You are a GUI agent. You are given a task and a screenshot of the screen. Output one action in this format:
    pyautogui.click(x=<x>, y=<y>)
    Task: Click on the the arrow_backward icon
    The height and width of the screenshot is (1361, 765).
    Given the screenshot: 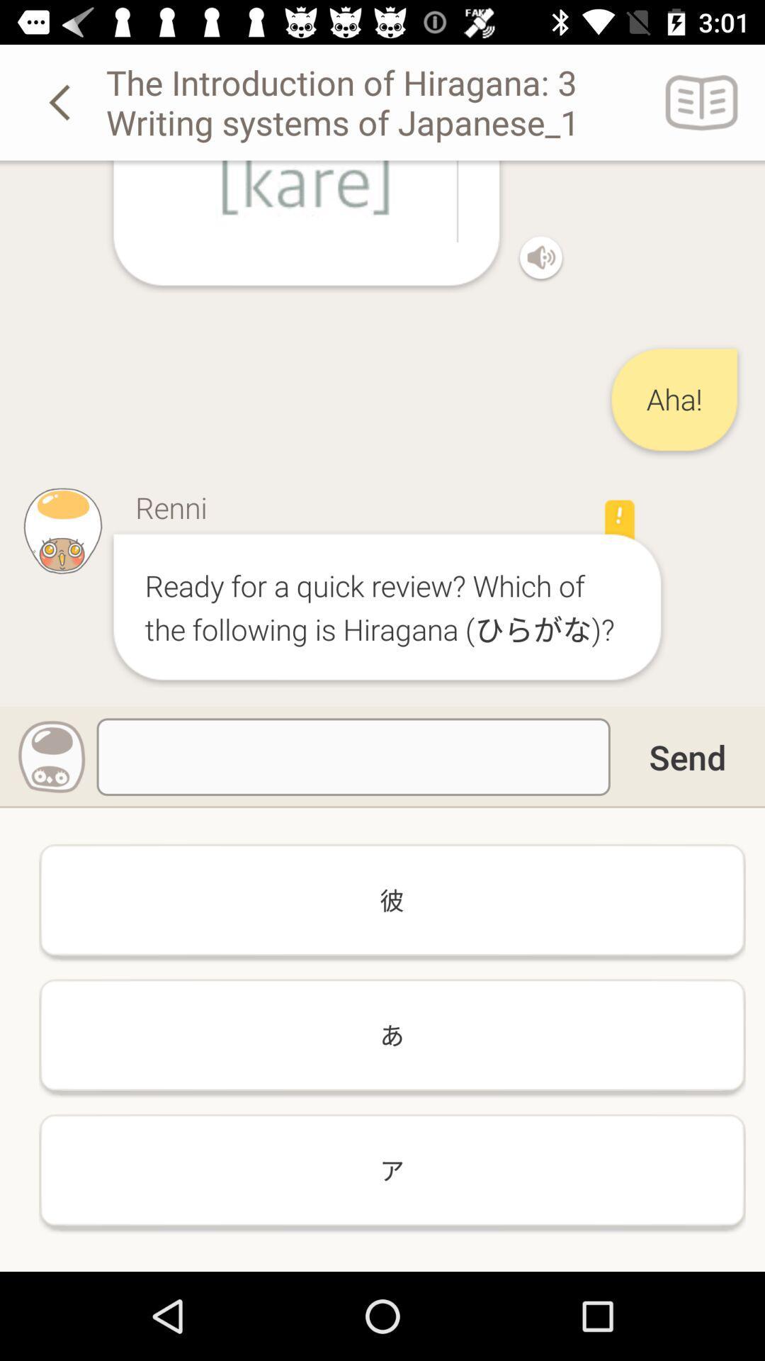 What is the action you would take?
    pyautogui.click(x=62, y=101)
    